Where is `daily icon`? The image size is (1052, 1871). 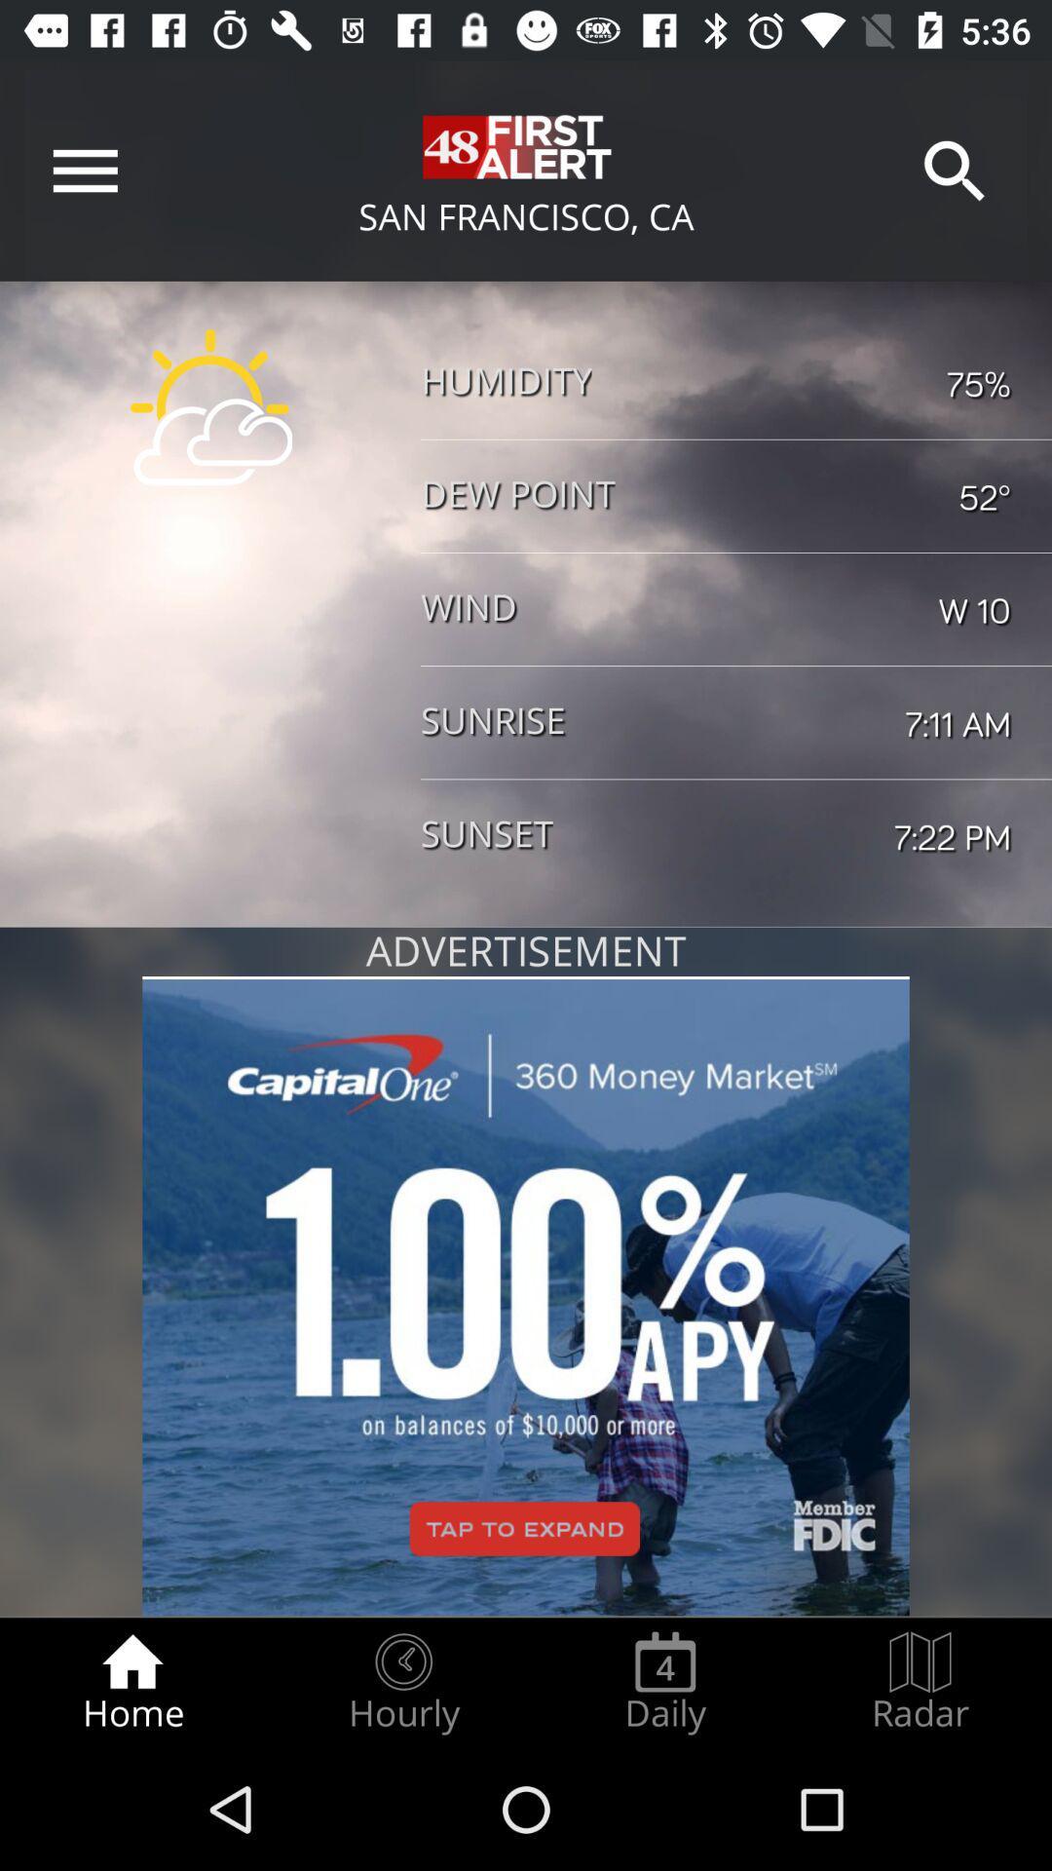 daily icon is located at coordinates (664, 1682).